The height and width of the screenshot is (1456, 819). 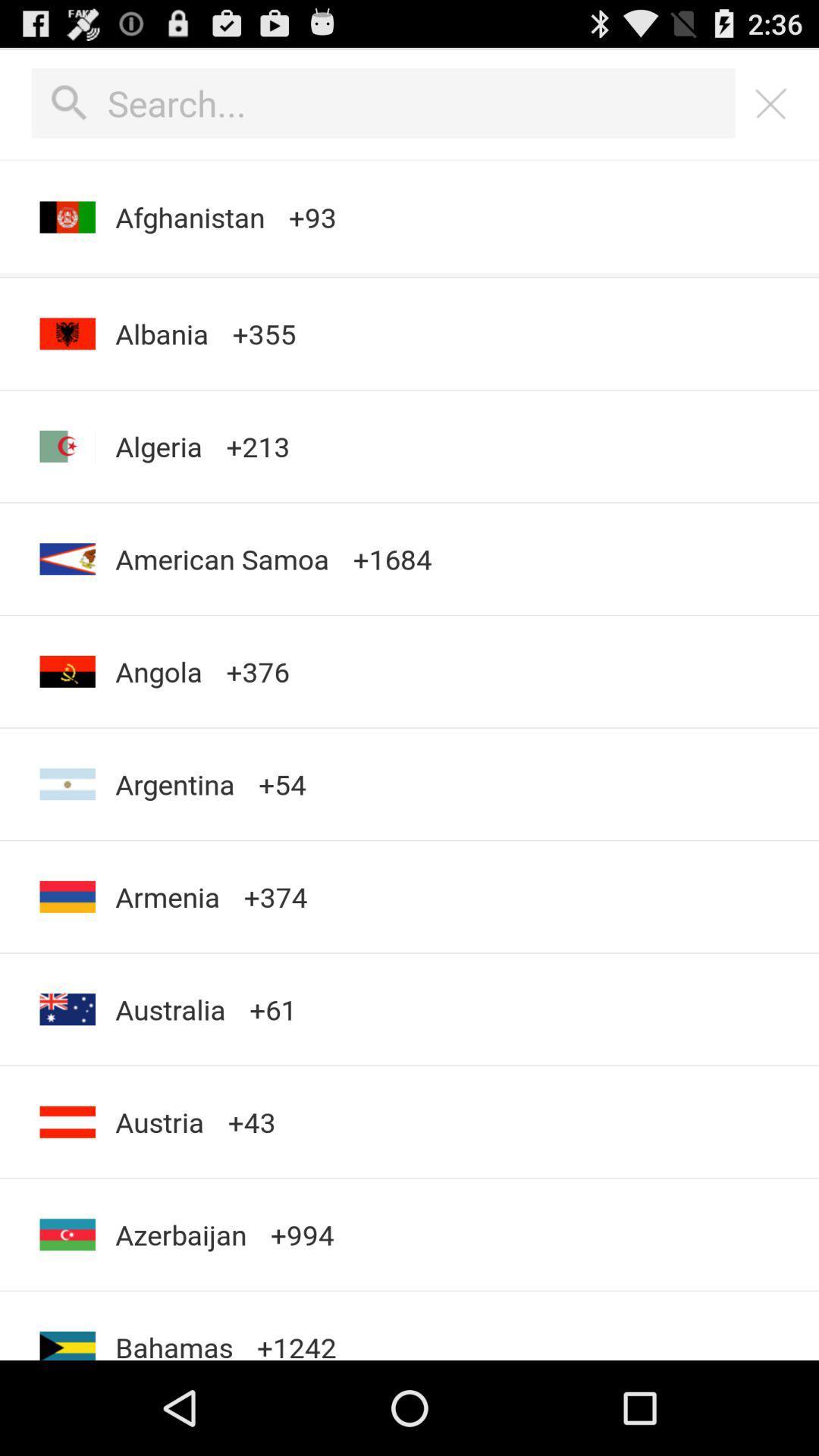 What do you see at coordinates (282, 784) in the screenshot?
I see `app above +374 app` at bounding box center [282, 784].